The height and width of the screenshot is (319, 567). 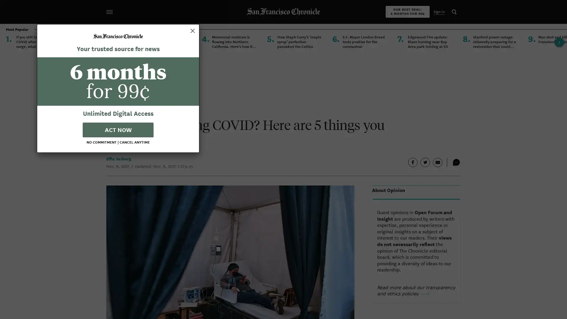 What do you see at coordinates (559, 42) in the screenshot?
I see `Next` at bounding box center [559, 42].